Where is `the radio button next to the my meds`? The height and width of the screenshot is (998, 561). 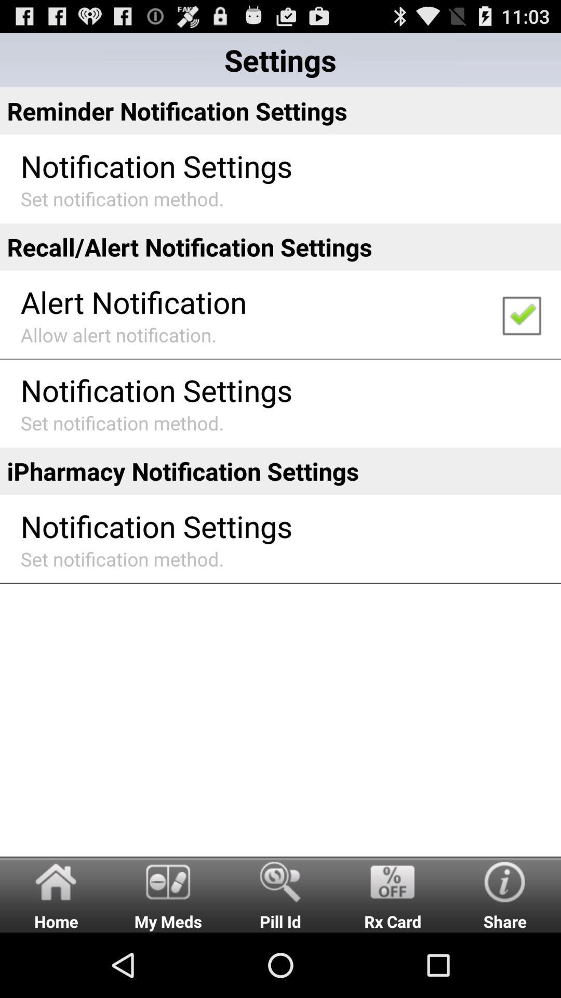 the radio button next to the my meds is located at coordinates (56, 894).